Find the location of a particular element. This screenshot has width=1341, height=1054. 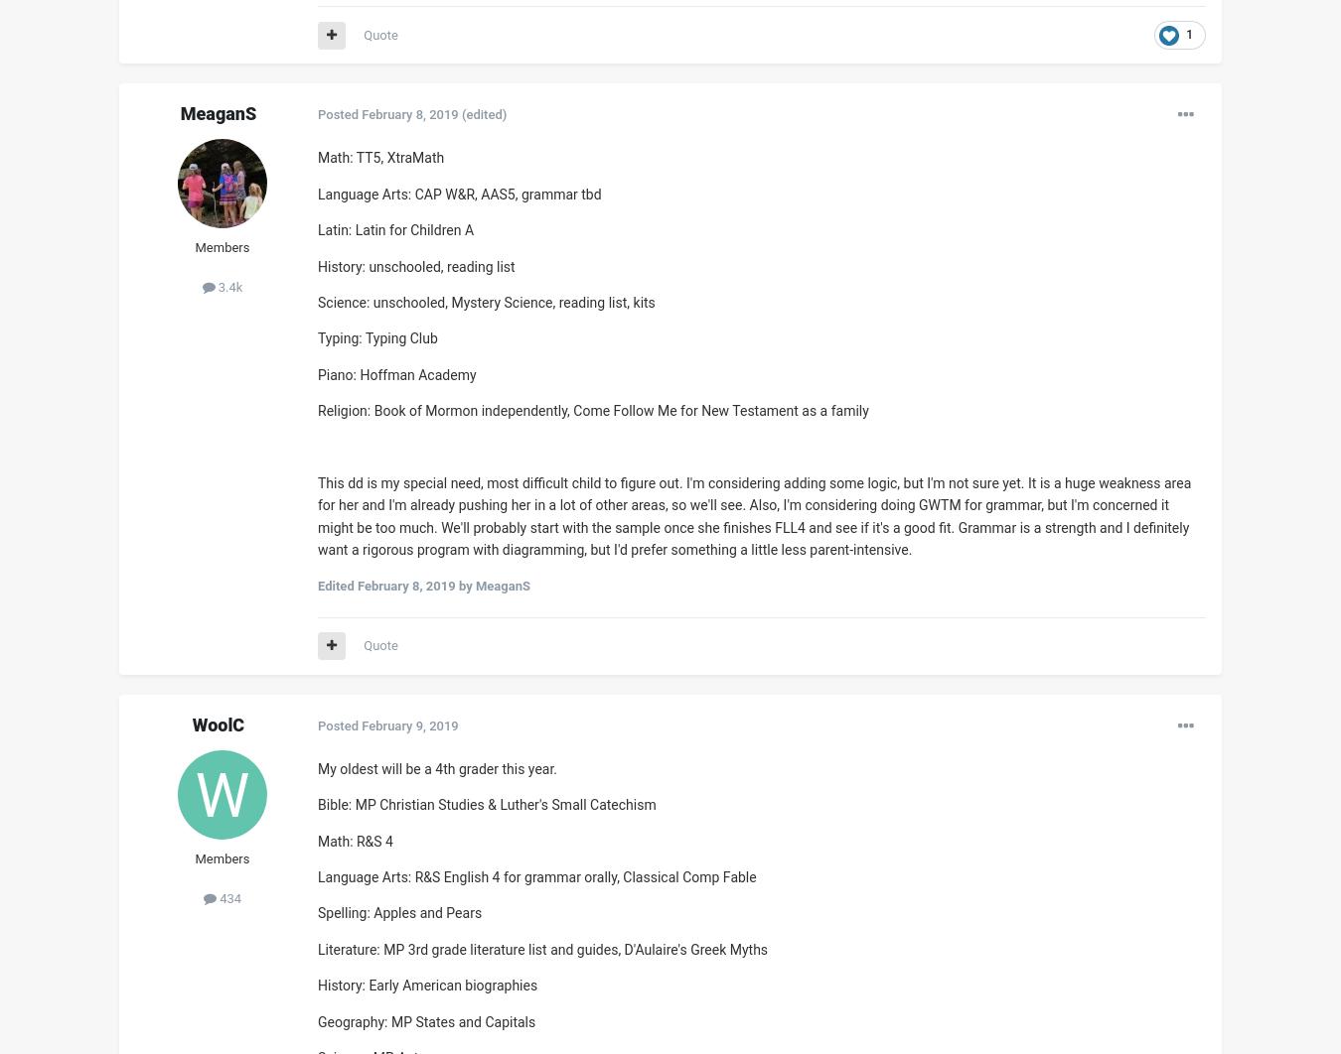

'Spelling: Apples and Pears' is located at coordinates (399, 912).